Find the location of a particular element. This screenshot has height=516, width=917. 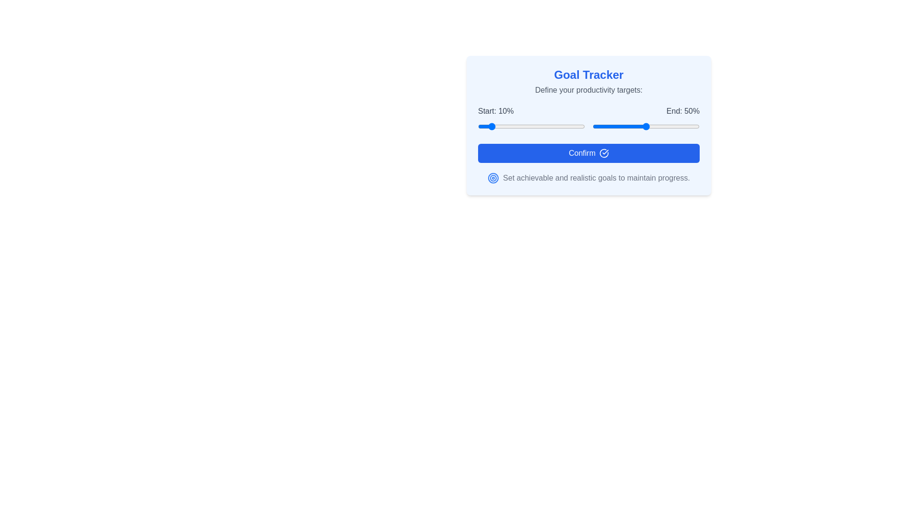

the slider value is located at coordinates (581, 126).